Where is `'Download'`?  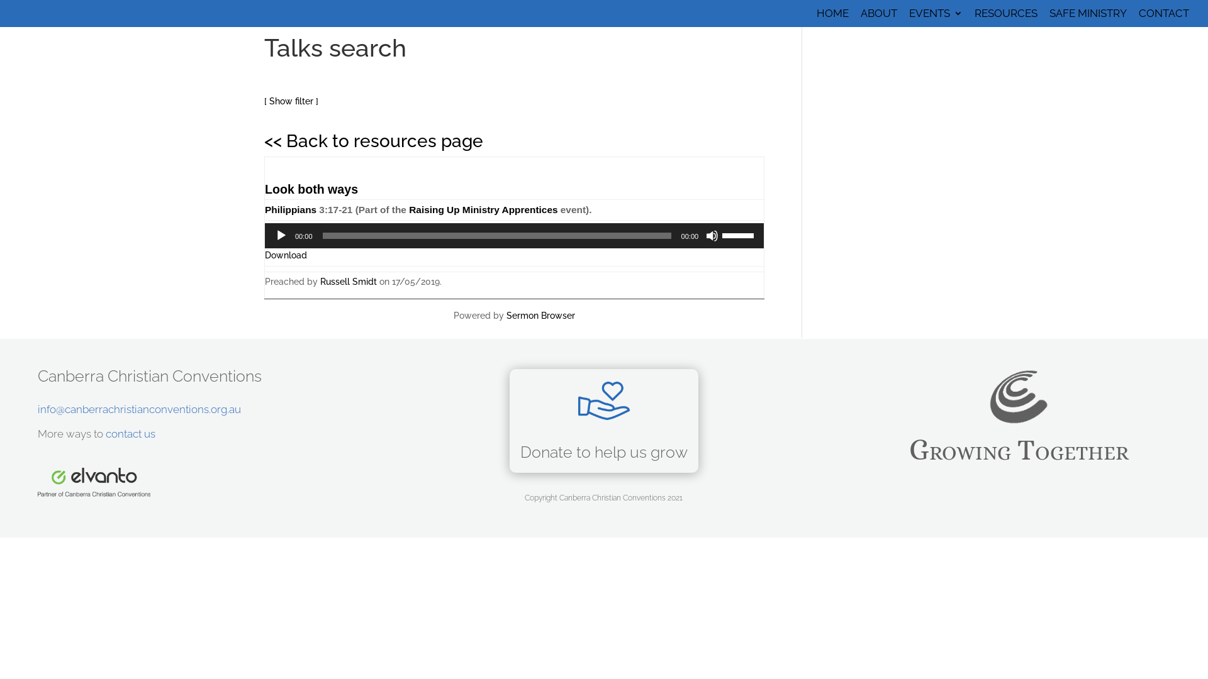
'Download' is located at coordinates (285, 255).